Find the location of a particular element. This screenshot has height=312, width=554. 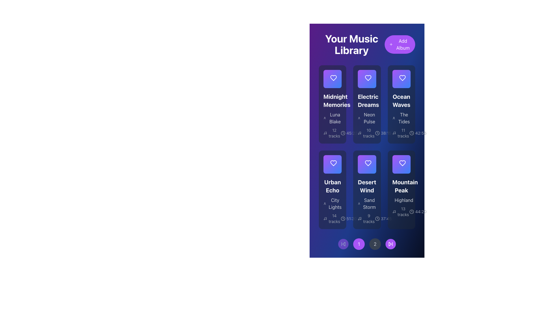

the heart-shaped icon button within the 'Electric Dreams' album card to mark it as a favorite is located at coordinates (368, 78).